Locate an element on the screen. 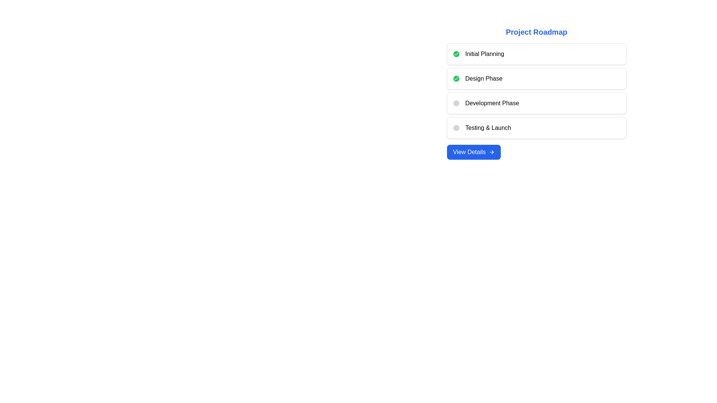 This screenshot has height=403, width=717. the interactive button located at the bottom of the 'Project Roadmap' section for visual feedback is located at coordinates (473, 152).